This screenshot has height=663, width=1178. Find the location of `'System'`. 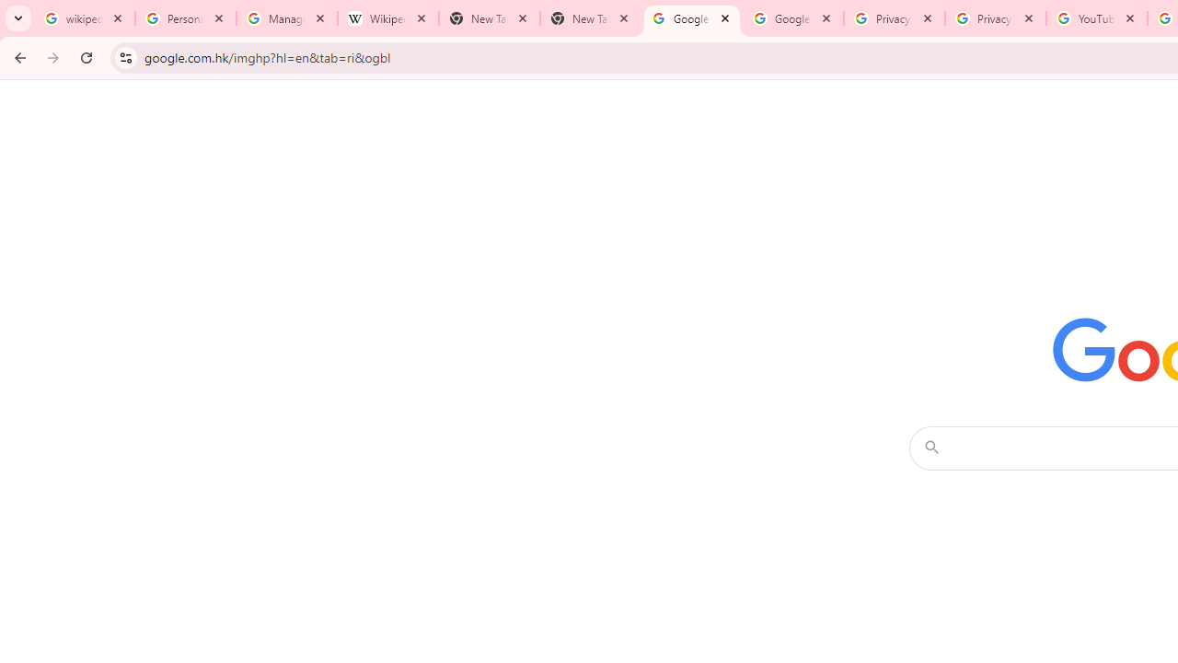

'System' is located at coordinates (9, 10).